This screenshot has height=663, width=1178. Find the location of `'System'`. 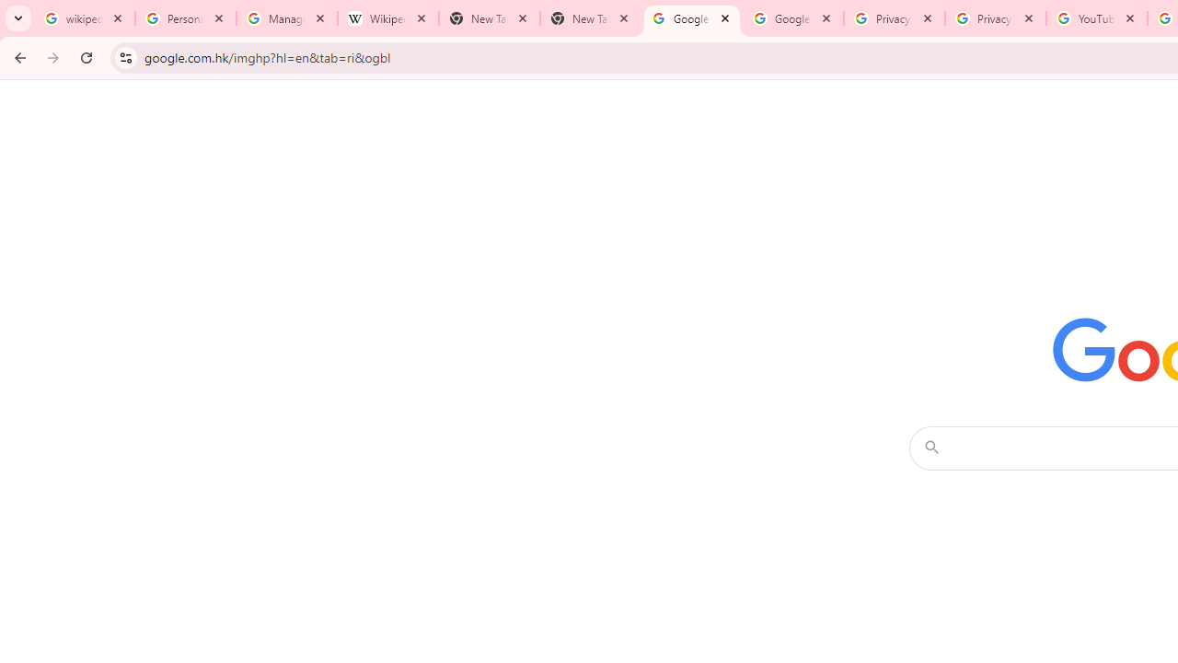

'System' is located at coordinates (9, 10).